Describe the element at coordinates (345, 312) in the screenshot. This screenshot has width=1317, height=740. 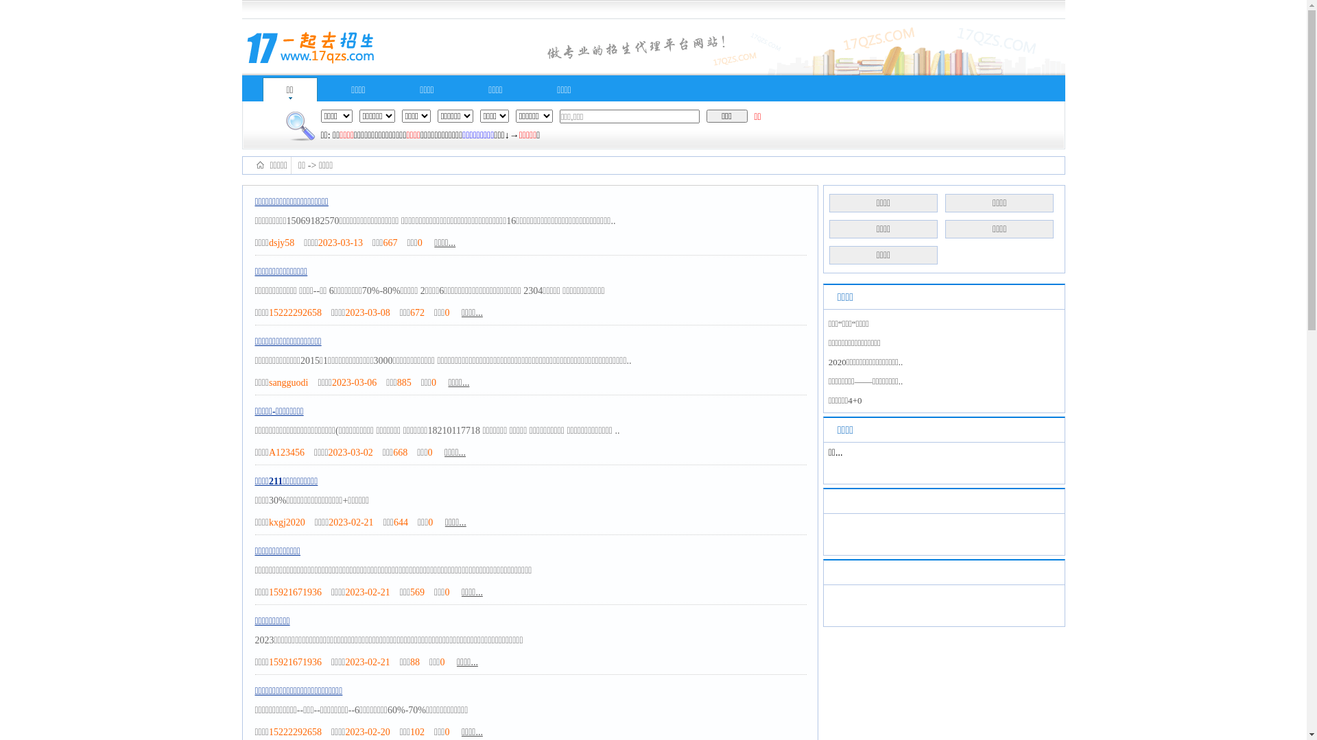
I see `'2023-03-08'` at that location.